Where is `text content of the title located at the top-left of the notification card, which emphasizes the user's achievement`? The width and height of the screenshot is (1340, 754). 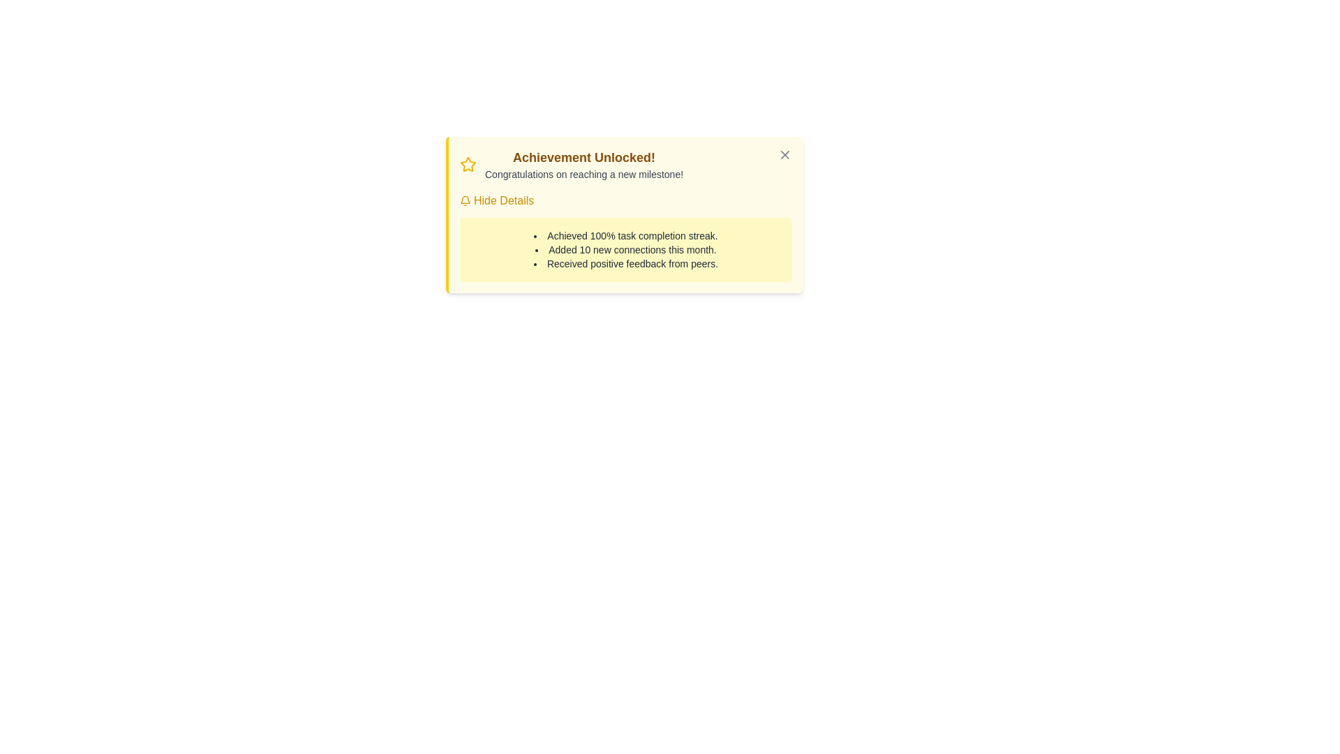
text content of the title located at the top-left of the notification card, which emphasizes the user's achievement is located at coordinates (584, 157).